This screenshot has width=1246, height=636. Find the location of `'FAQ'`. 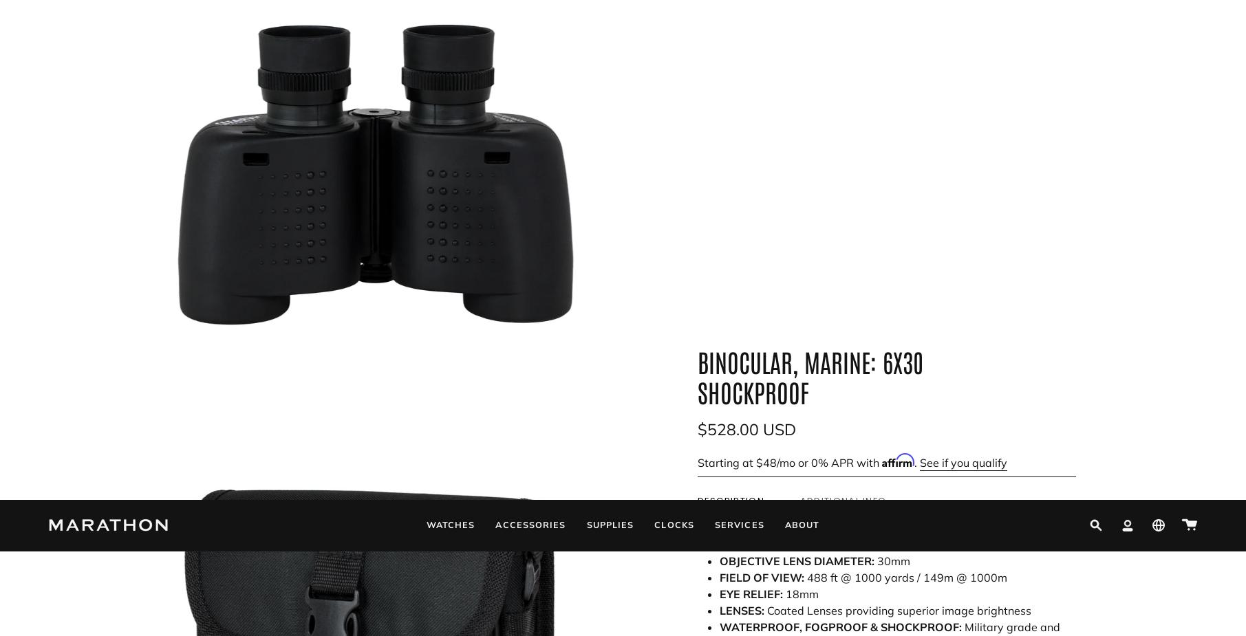

'FAQ' is located at coordinates (59, 531).